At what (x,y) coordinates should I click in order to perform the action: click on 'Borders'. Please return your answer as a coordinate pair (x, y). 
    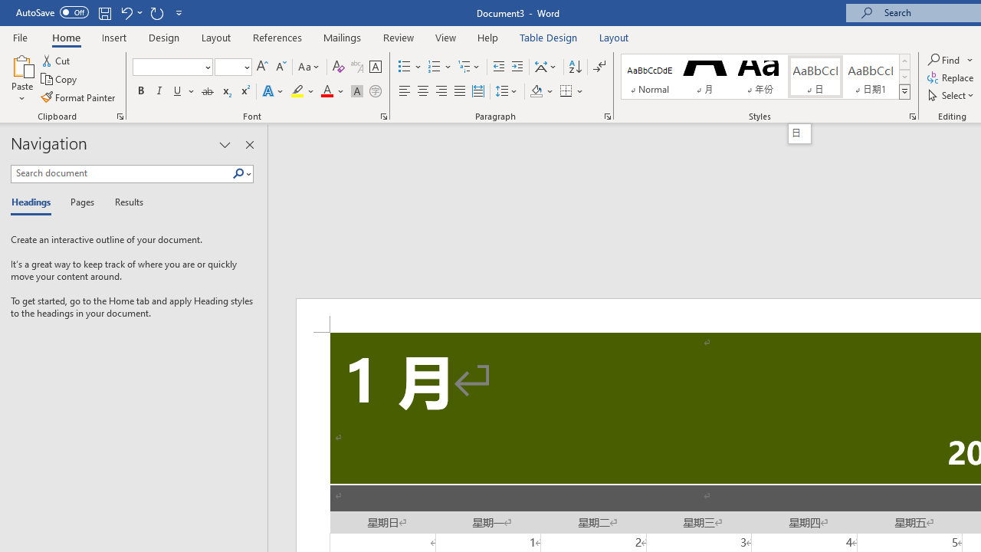
    Looking at the image, I should click on (571, 91).